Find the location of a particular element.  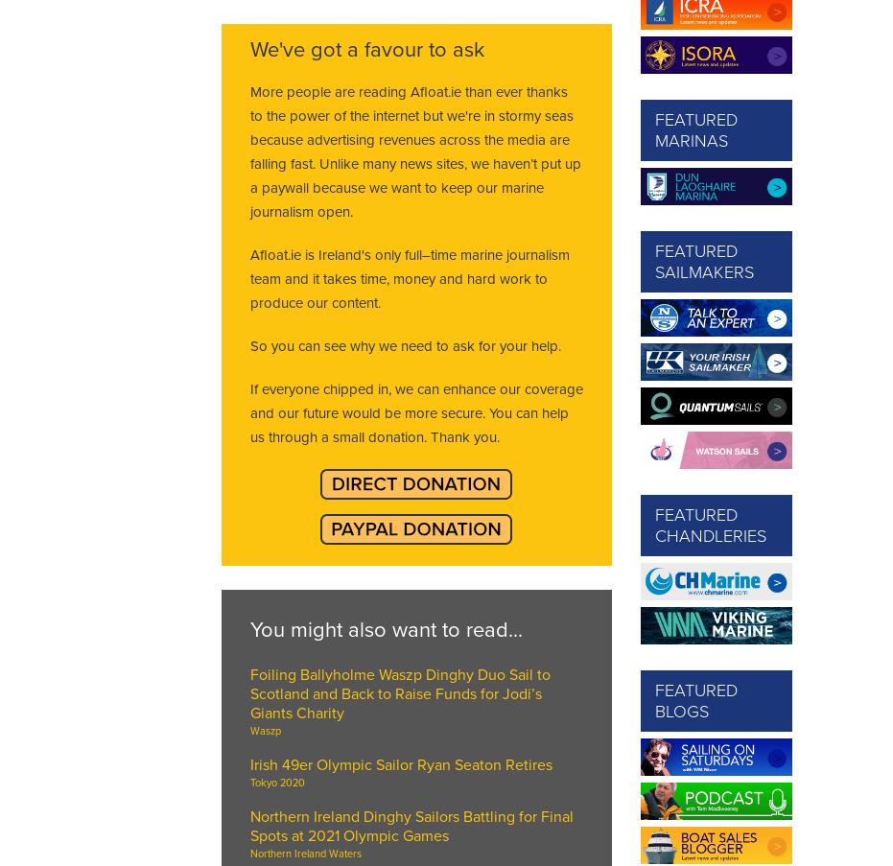

'If everyone chipped in, we can enhance our coverage and our future would be more secure. You can help us through a small donation. Thank you.' is located at coordinates (414, 412).